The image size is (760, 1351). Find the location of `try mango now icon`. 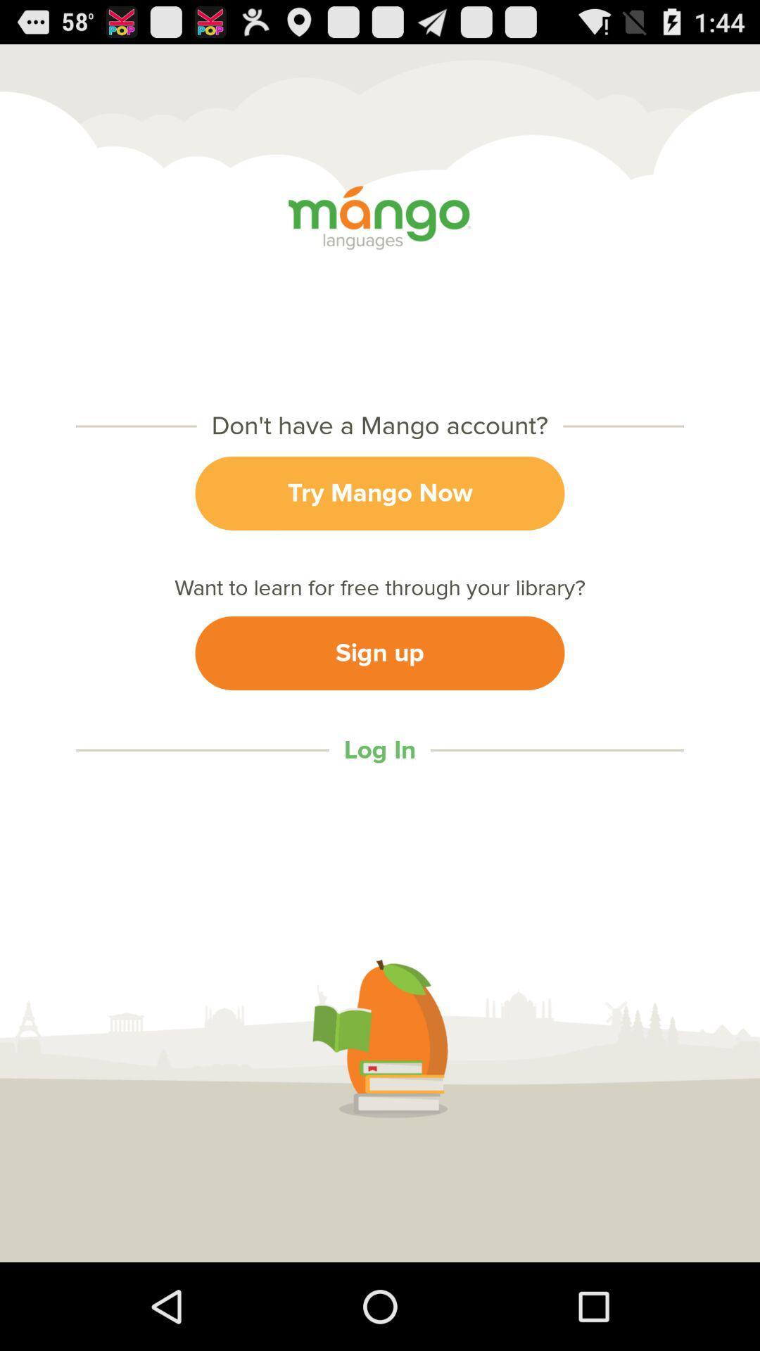

try mango now icon is located at coordinates (380, 493).